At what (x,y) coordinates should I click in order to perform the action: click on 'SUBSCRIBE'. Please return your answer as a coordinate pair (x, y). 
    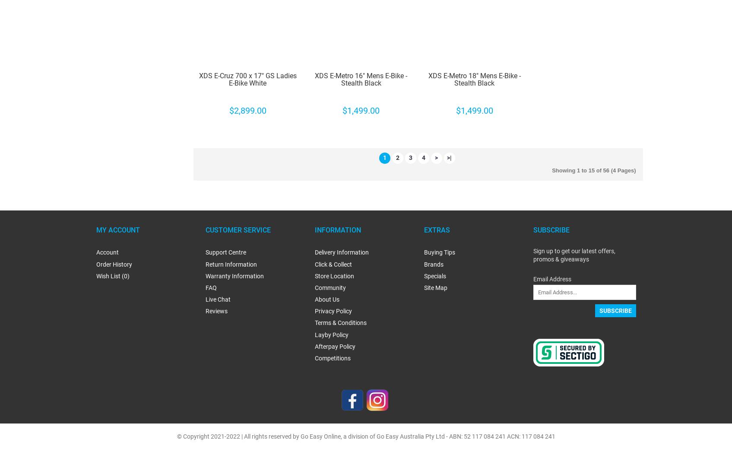
    Looking at the image, I should click on (550, 229).